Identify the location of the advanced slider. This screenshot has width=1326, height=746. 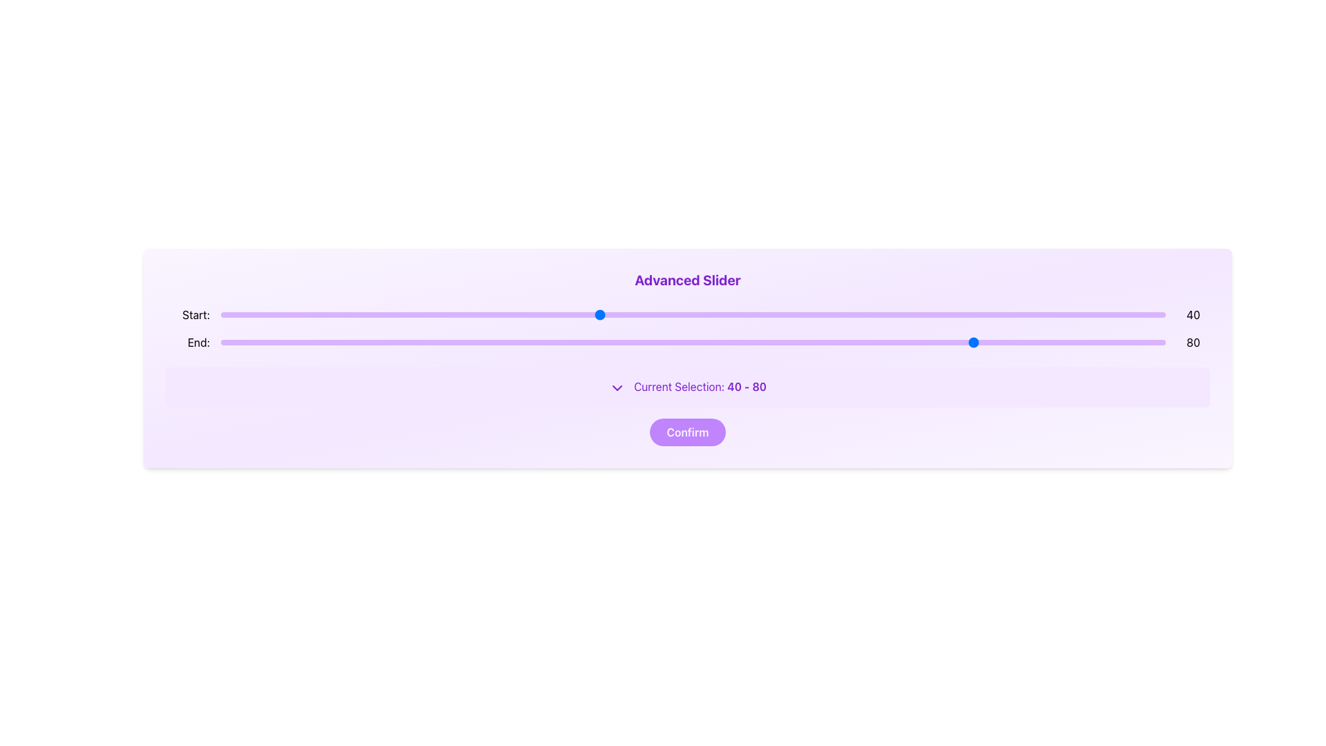
(230, 314).